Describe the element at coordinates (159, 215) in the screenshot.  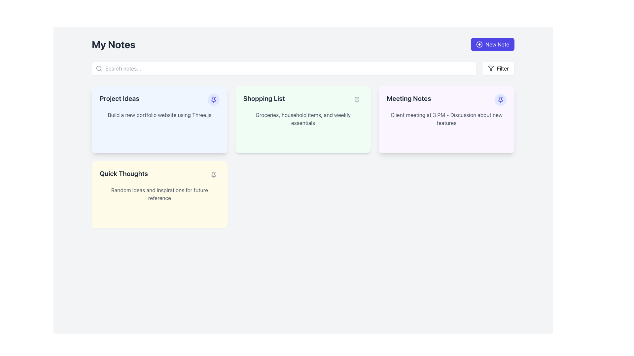
I see `the group of interactive icons located in the bottom-right corner of the 'Quick Thoughts' card` at that location.